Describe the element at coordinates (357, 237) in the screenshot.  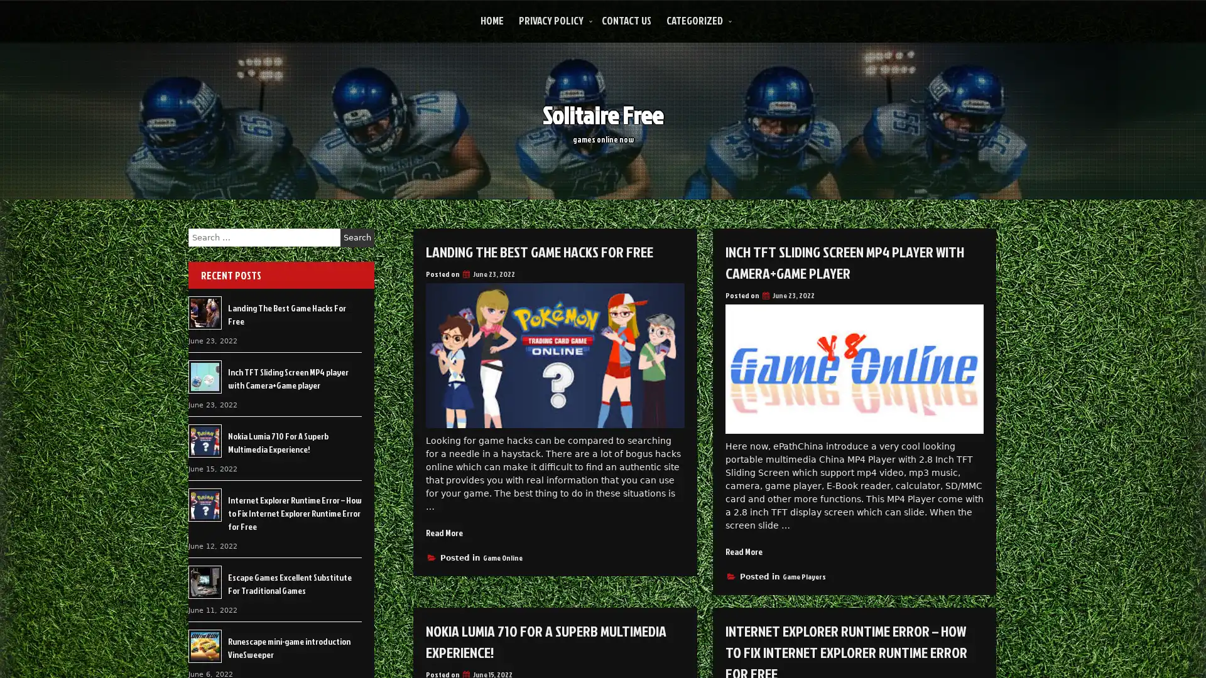
I see `Search` at that location.